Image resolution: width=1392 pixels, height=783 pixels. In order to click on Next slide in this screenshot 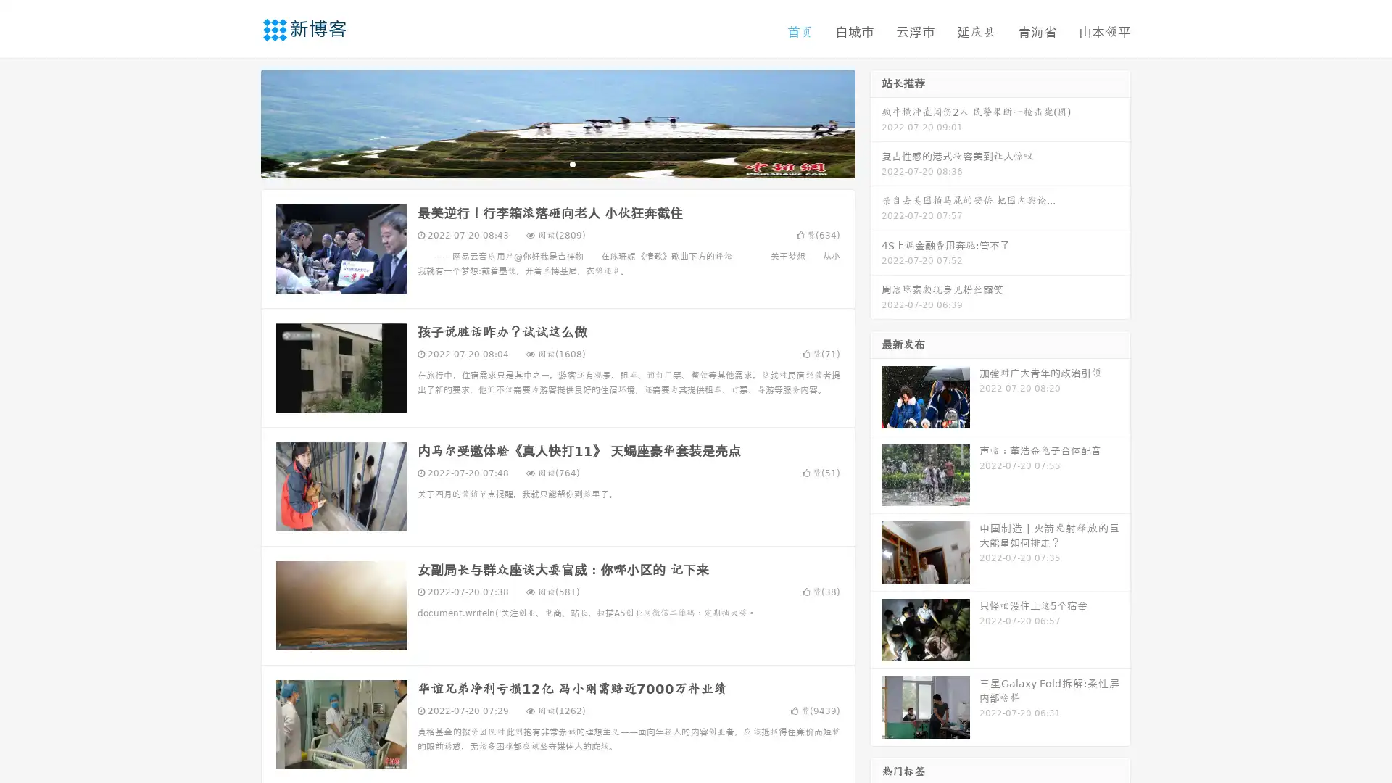, I will do `click(876, 122)`.